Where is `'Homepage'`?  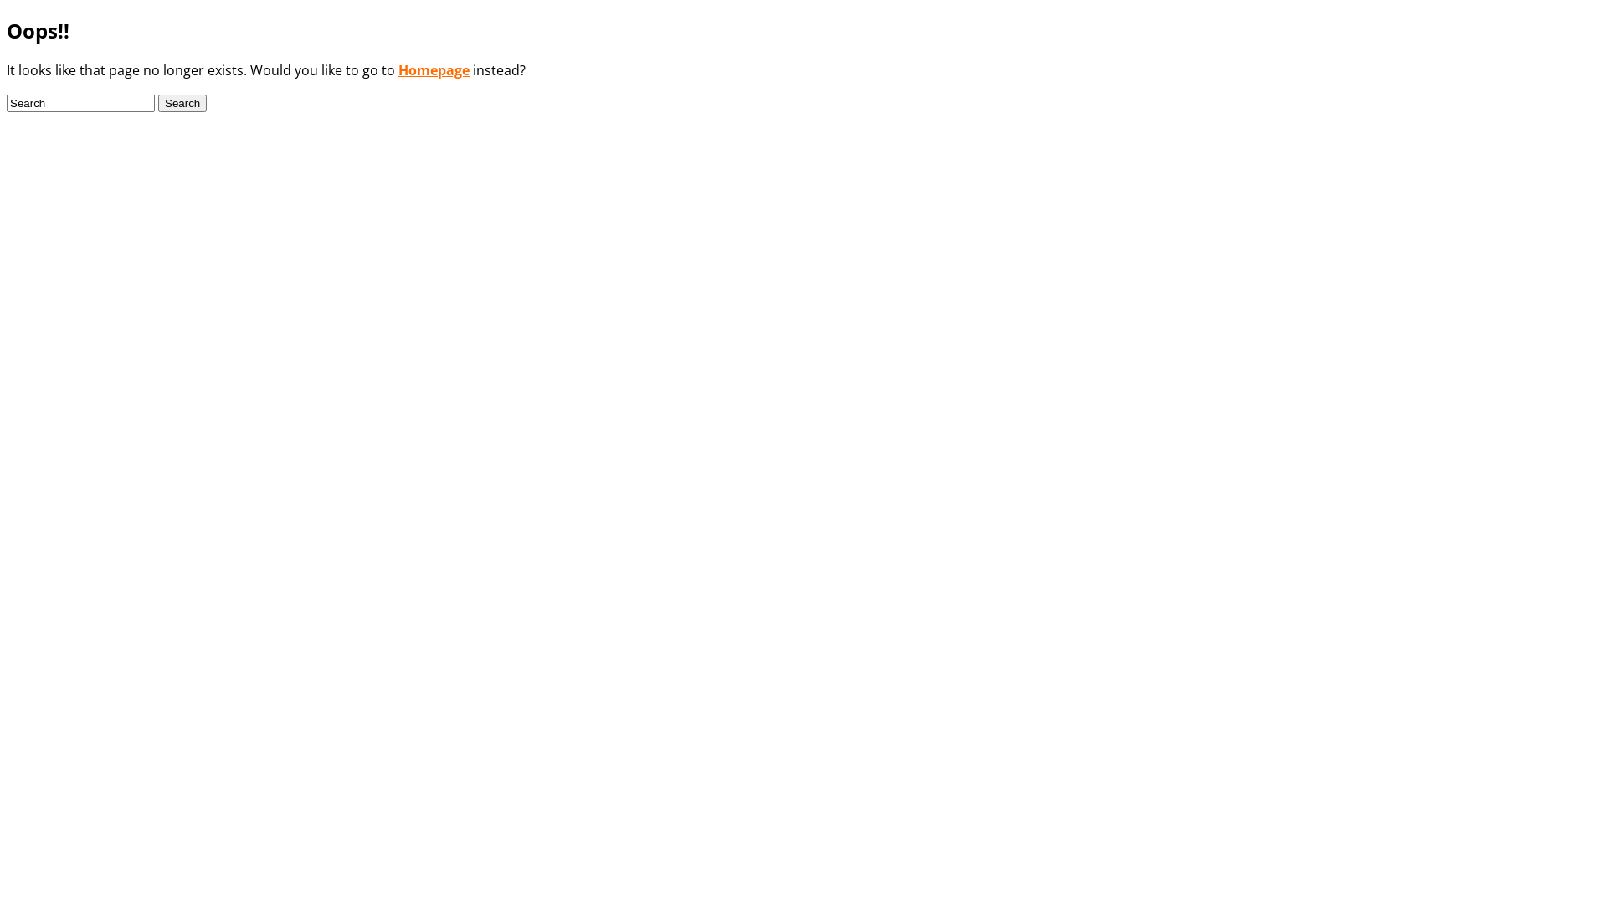 'Homepage' is located at coordinates (434, 69).